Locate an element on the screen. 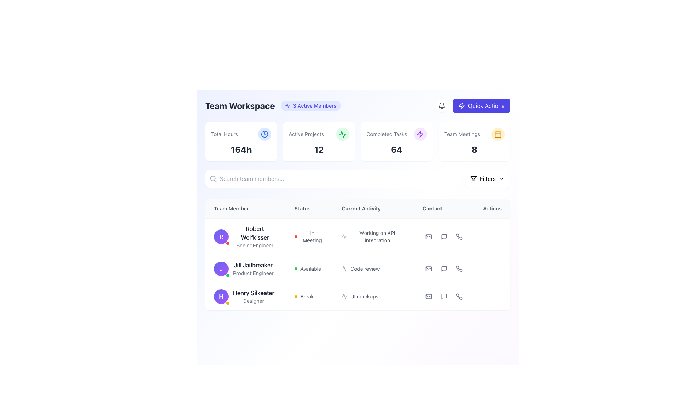  the text label indicating the number of active team members in the workspace, which is part of a rounded, indigo-highlighted badge near the 'Team Workspace' header is located at coordinates (315, 105).